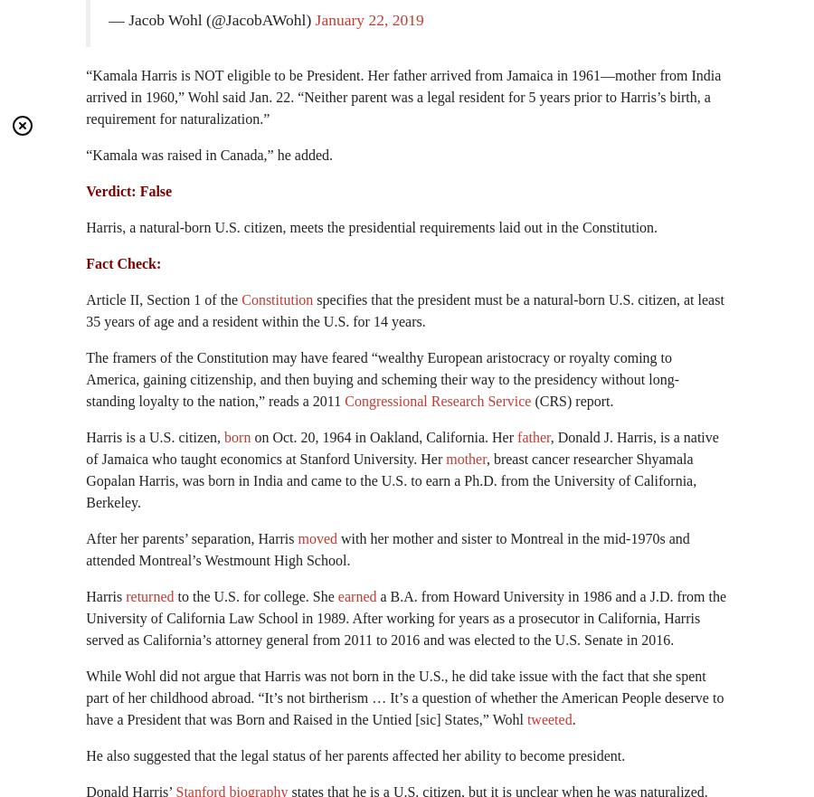 This screenshot has width=814, height=797. What do you see at coordinates (572, 401) in the screenshot?
I see `'(CRS) report.'` at bounding box center [572, 401].